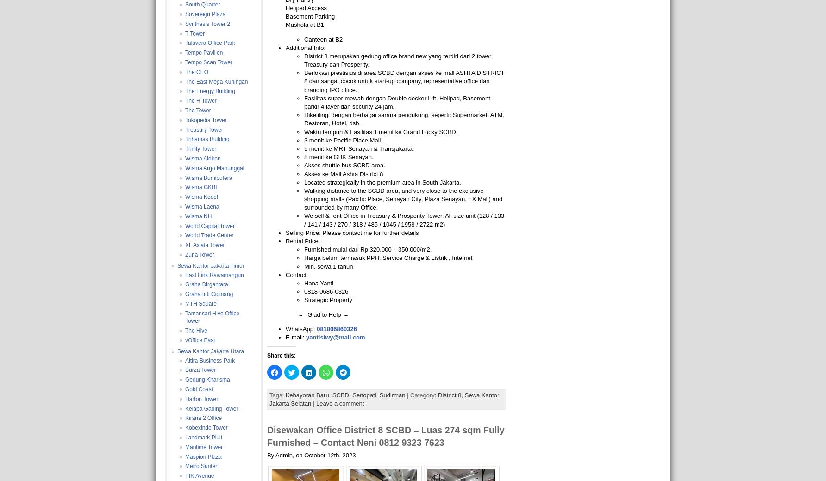 The image size is (826, 481). Describe the element at coordinates (403, 220) in the screenshot. I see `'We sell & rent Office in Treasury & Prosperity Tower. All size unit (128 / 133 / 141 / 143 / 270 / 318 / 485 / 1045 / 1958 / 2722 m2)'` at that location.